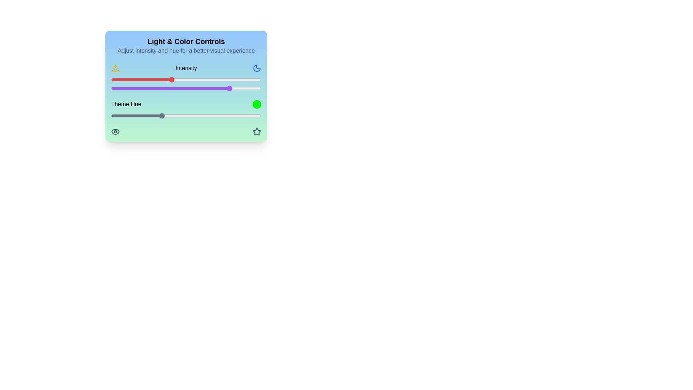 The height and width of the screenshot is (390, 693). I want to click on intensity, so click(245, 79).